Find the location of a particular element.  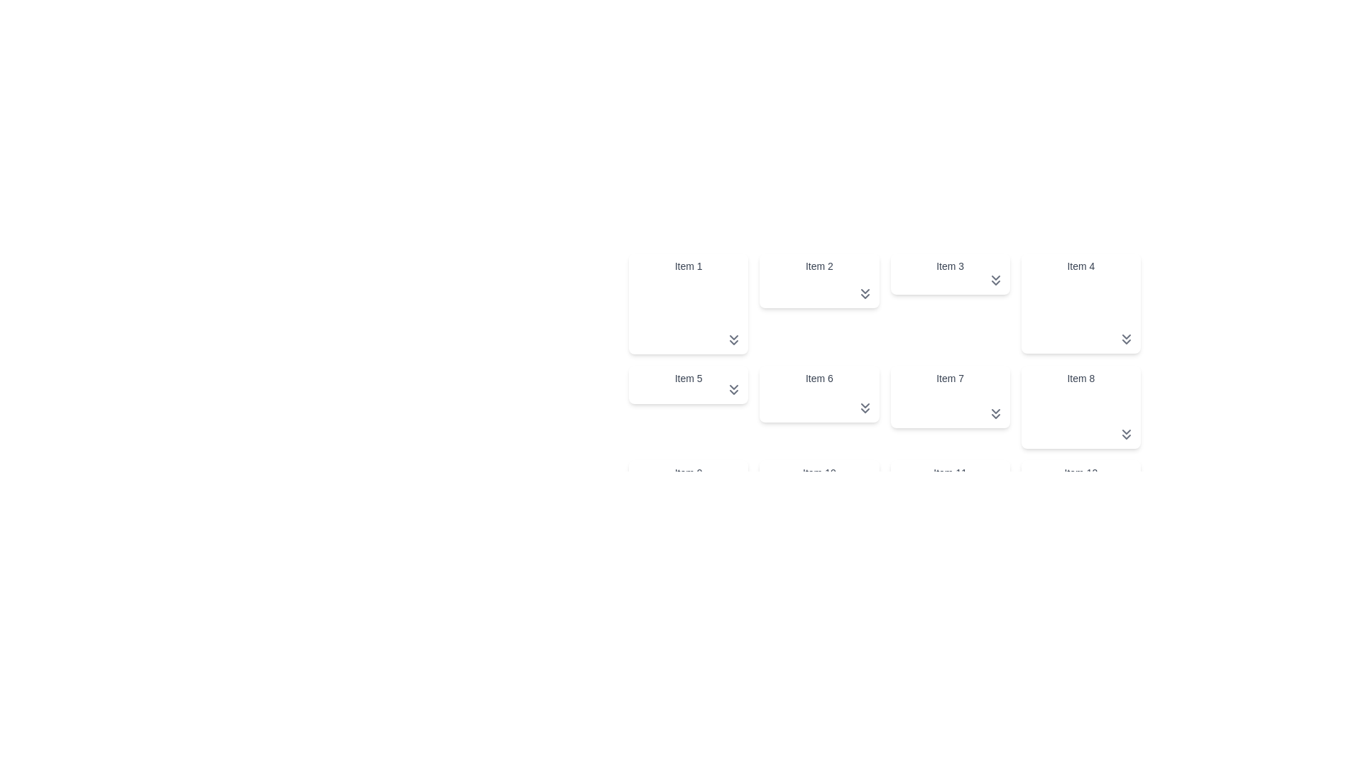

the card labeled 'Item 12' located in the bottom-right corner of the grid is located at coordinates (1080, 504).